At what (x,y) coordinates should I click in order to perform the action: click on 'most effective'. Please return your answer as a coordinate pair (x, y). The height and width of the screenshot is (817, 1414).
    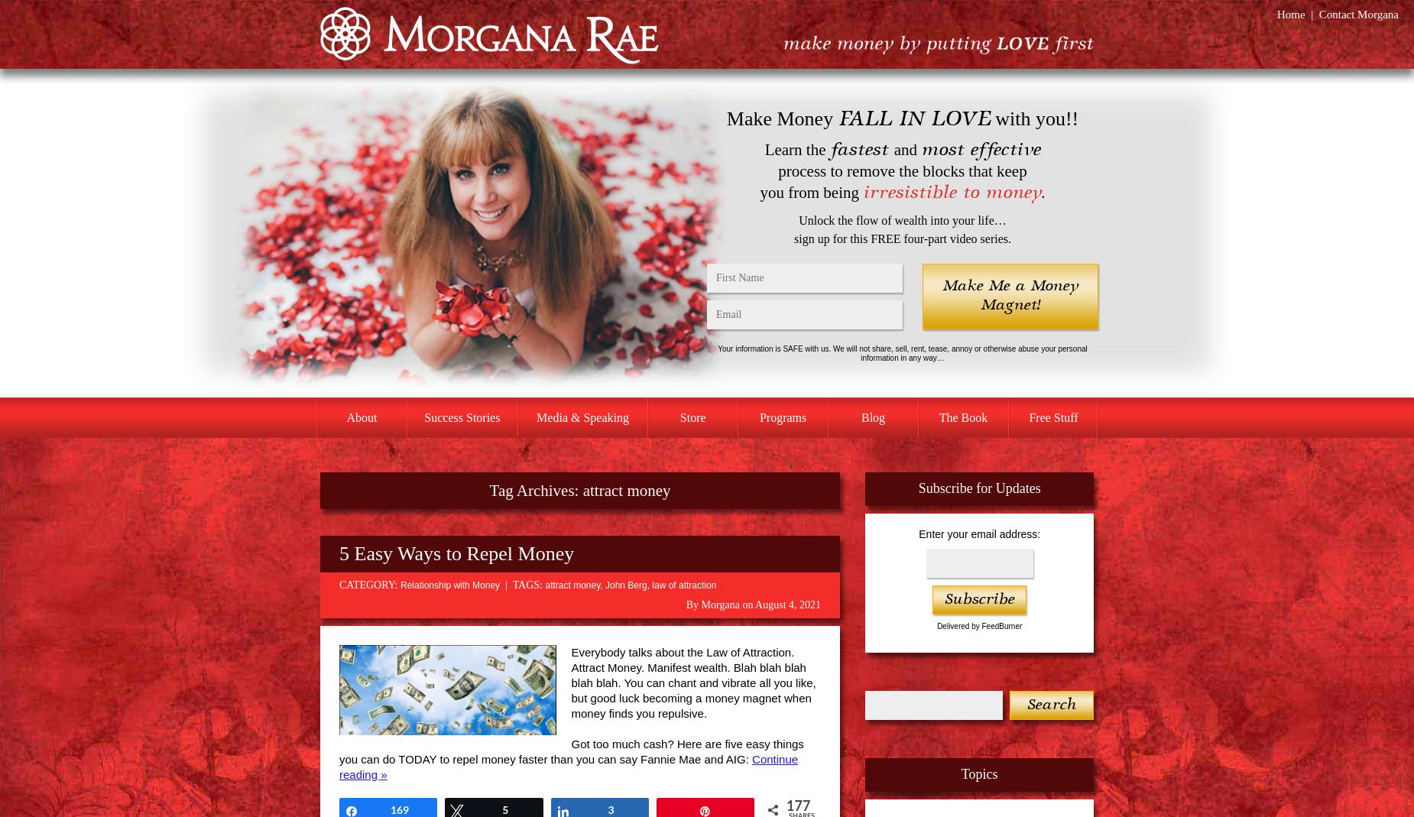
    Looking at the image, I should click on (920, 149).